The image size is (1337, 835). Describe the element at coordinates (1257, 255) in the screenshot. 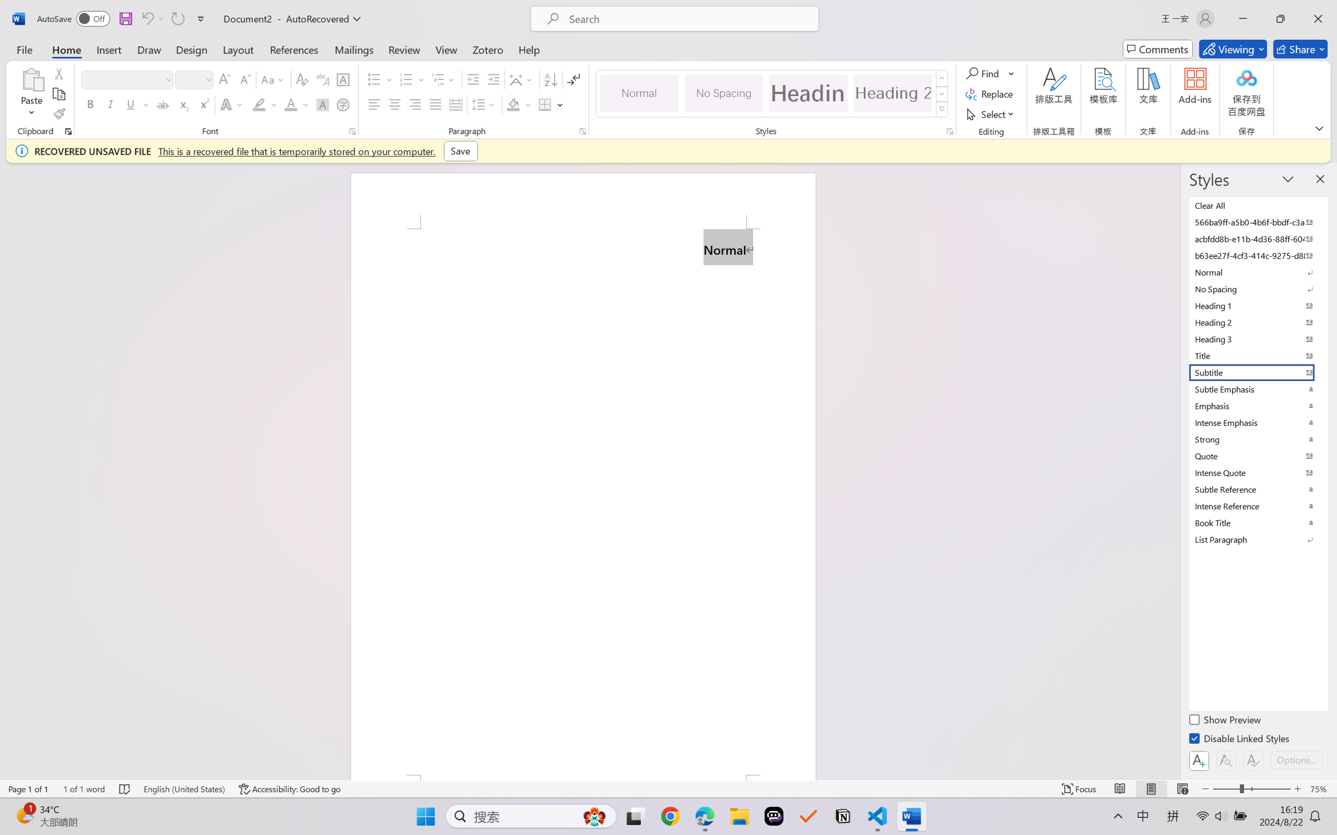

I see `'b63ee27f-4cf3-414c-9275-d88e3f90795e'` at that location.